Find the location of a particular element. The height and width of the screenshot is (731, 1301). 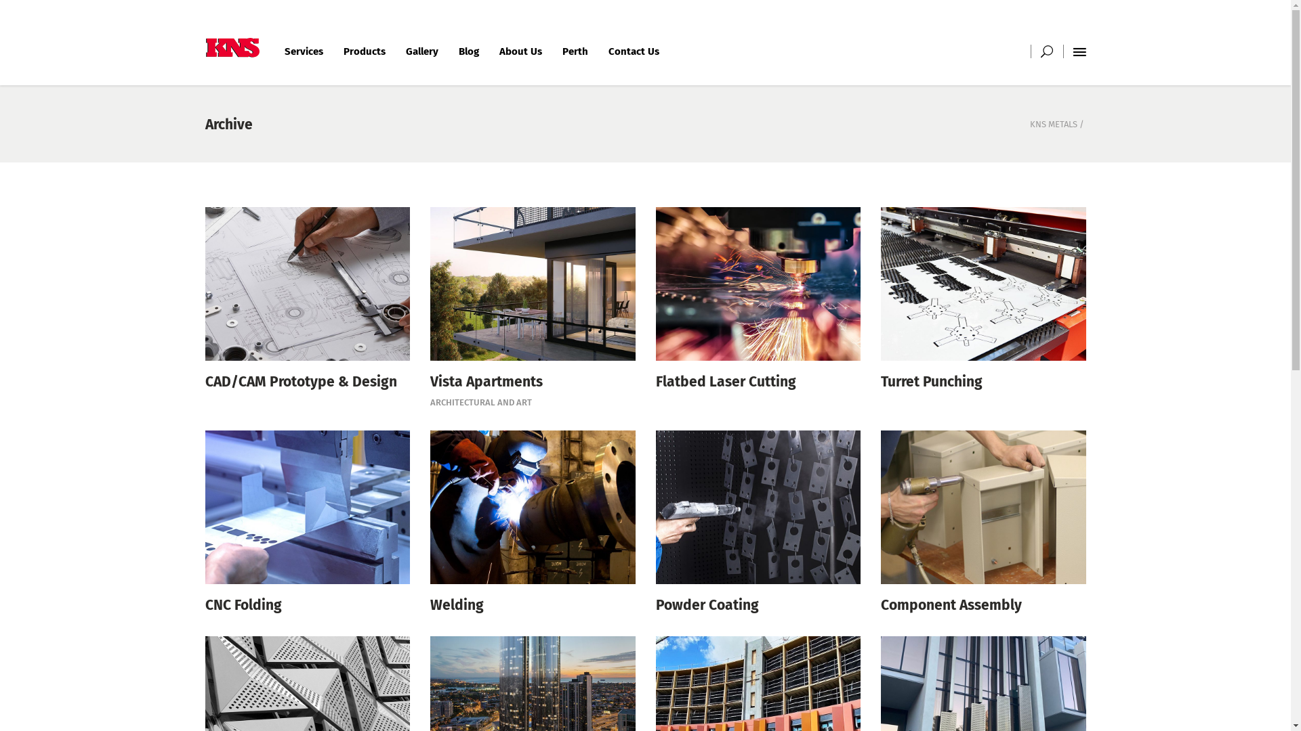

'Gallery' is located at coordinates (421, 51).